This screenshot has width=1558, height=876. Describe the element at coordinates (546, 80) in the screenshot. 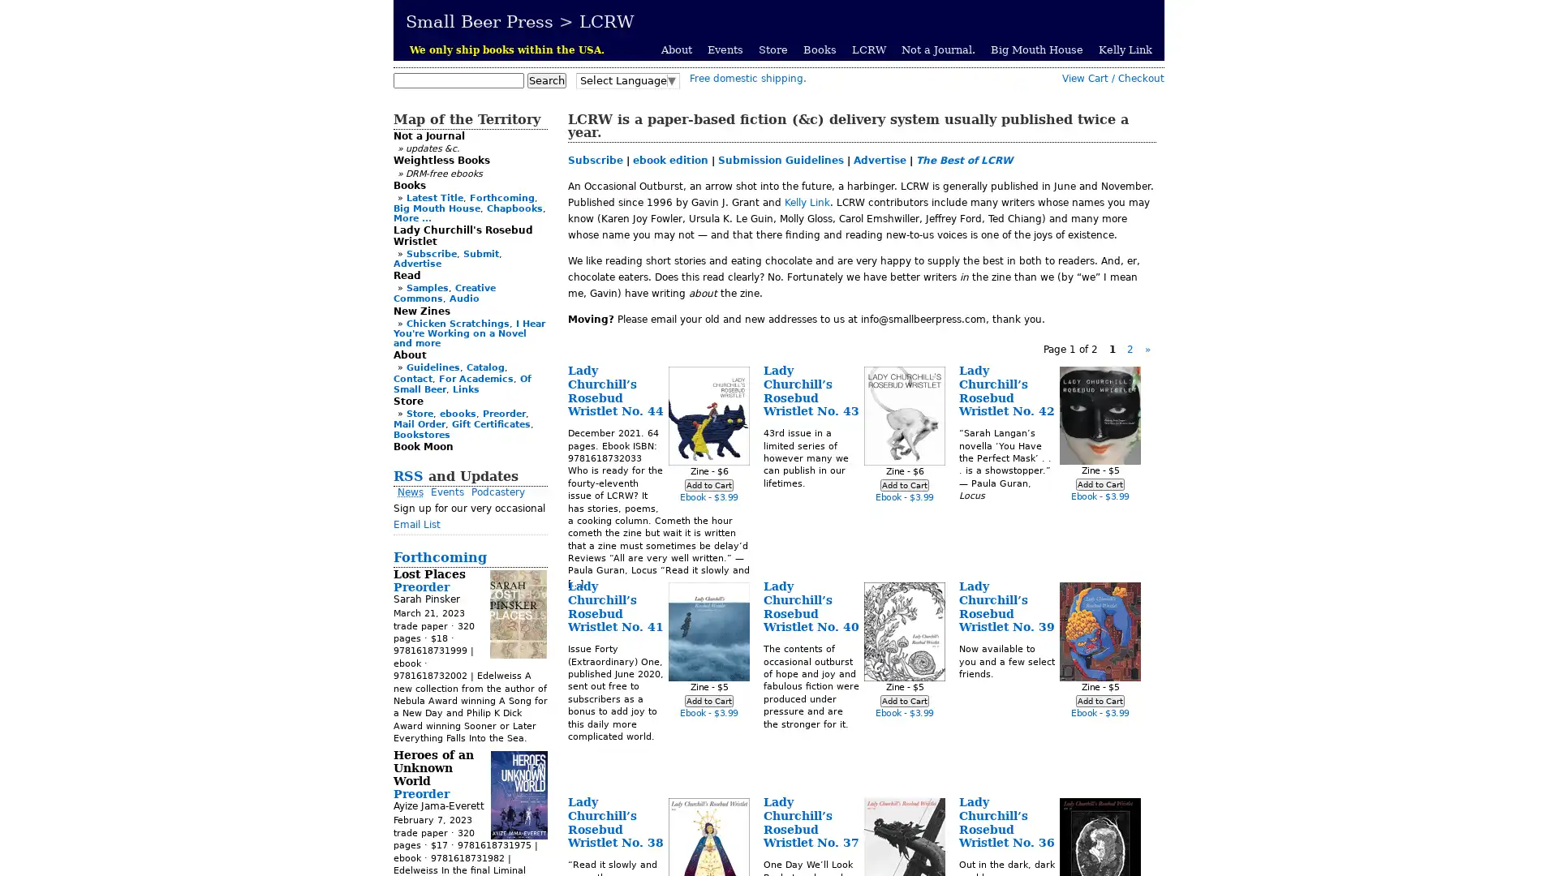

I see `Search` at that location.